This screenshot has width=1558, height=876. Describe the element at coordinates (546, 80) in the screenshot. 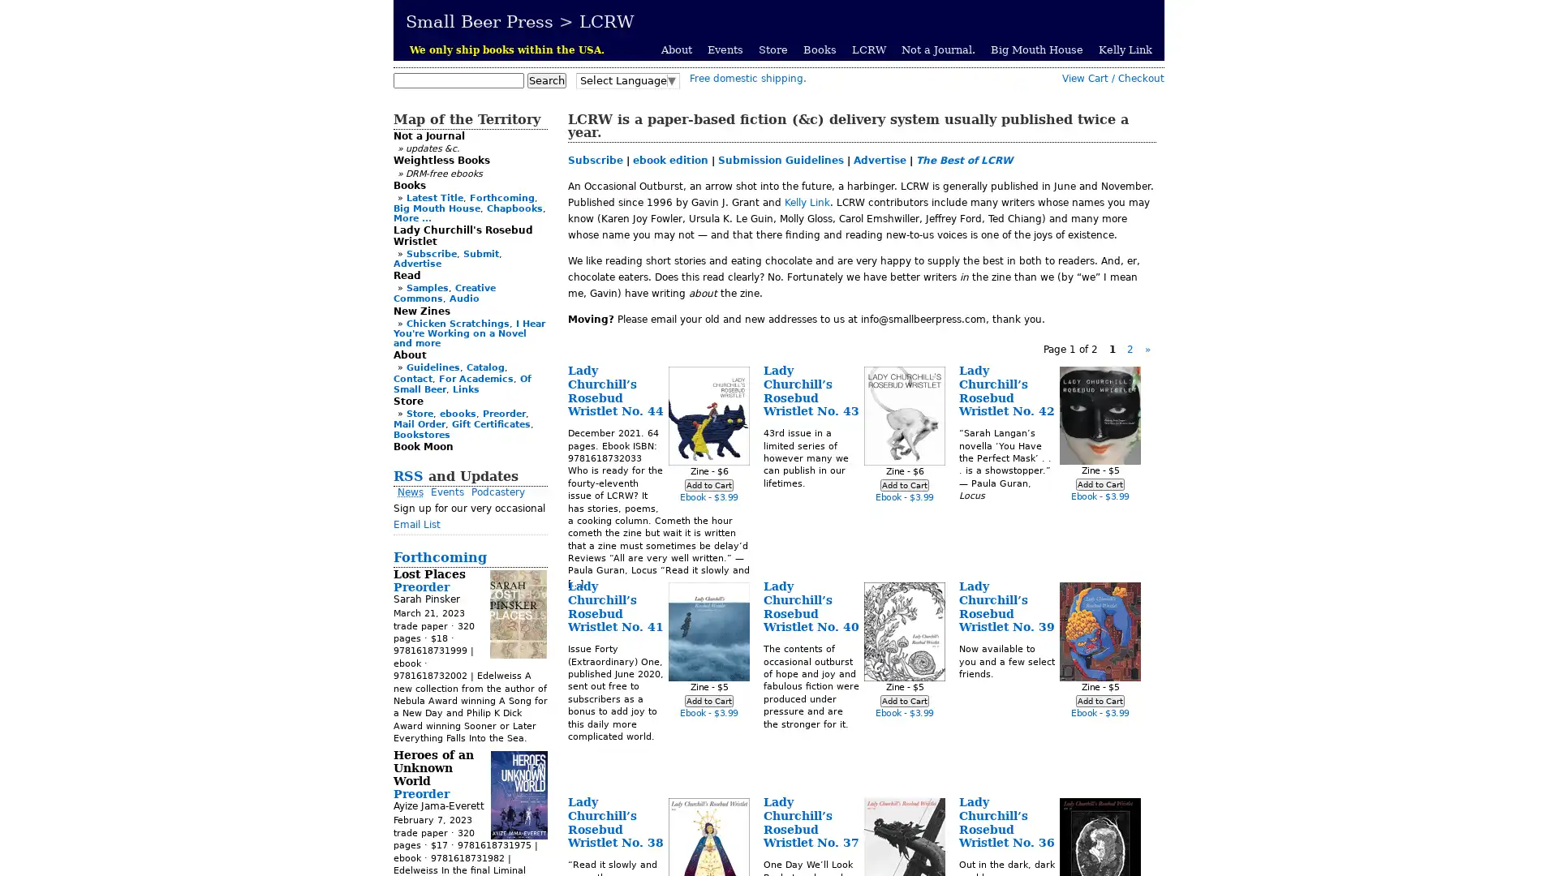

I see `Search` at that location.